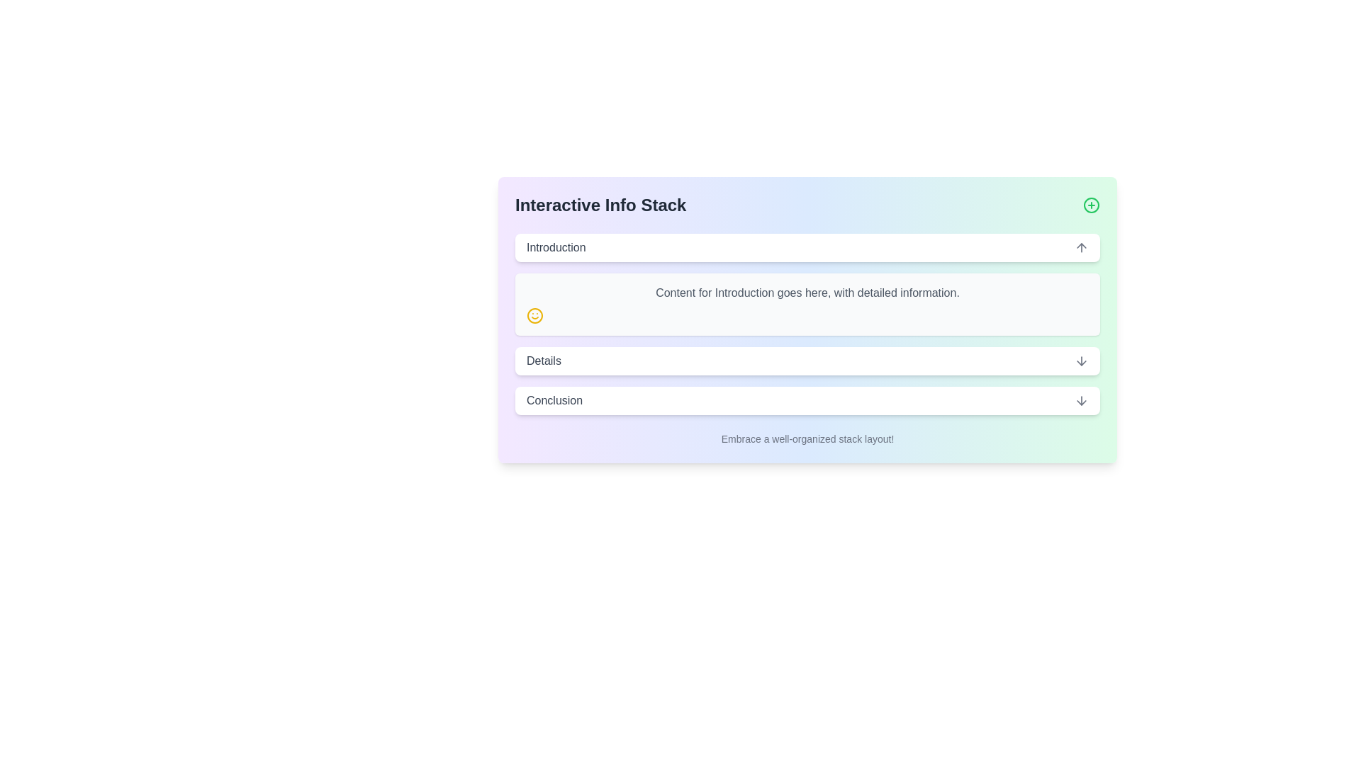 The image size is (1361, 765). I want to click on textual content within the informational content block that states 'Content for Introduction goes here, with detailed information.', so click(807, 319).